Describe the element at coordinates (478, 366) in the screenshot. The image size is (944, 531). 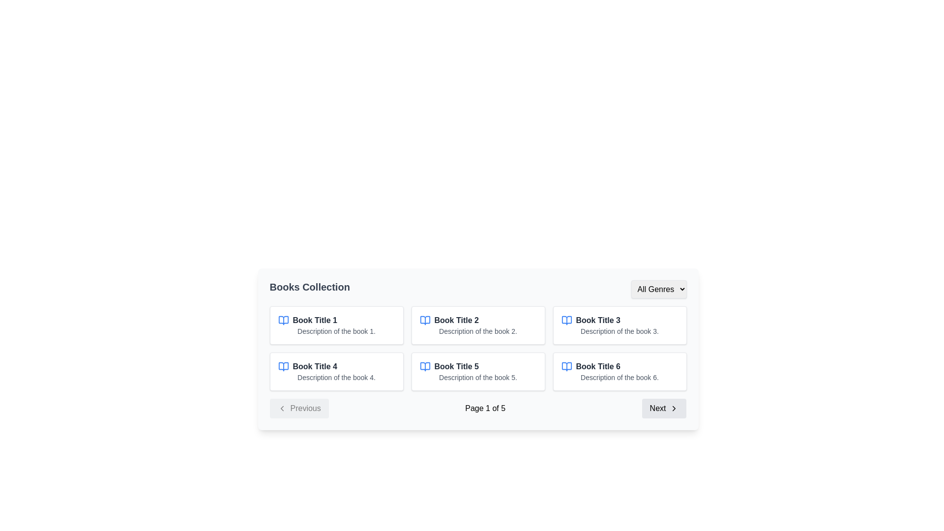
I see `the clickable item representing the book titled 'Book Title 5' in the 'Books Collection' section` at that location.